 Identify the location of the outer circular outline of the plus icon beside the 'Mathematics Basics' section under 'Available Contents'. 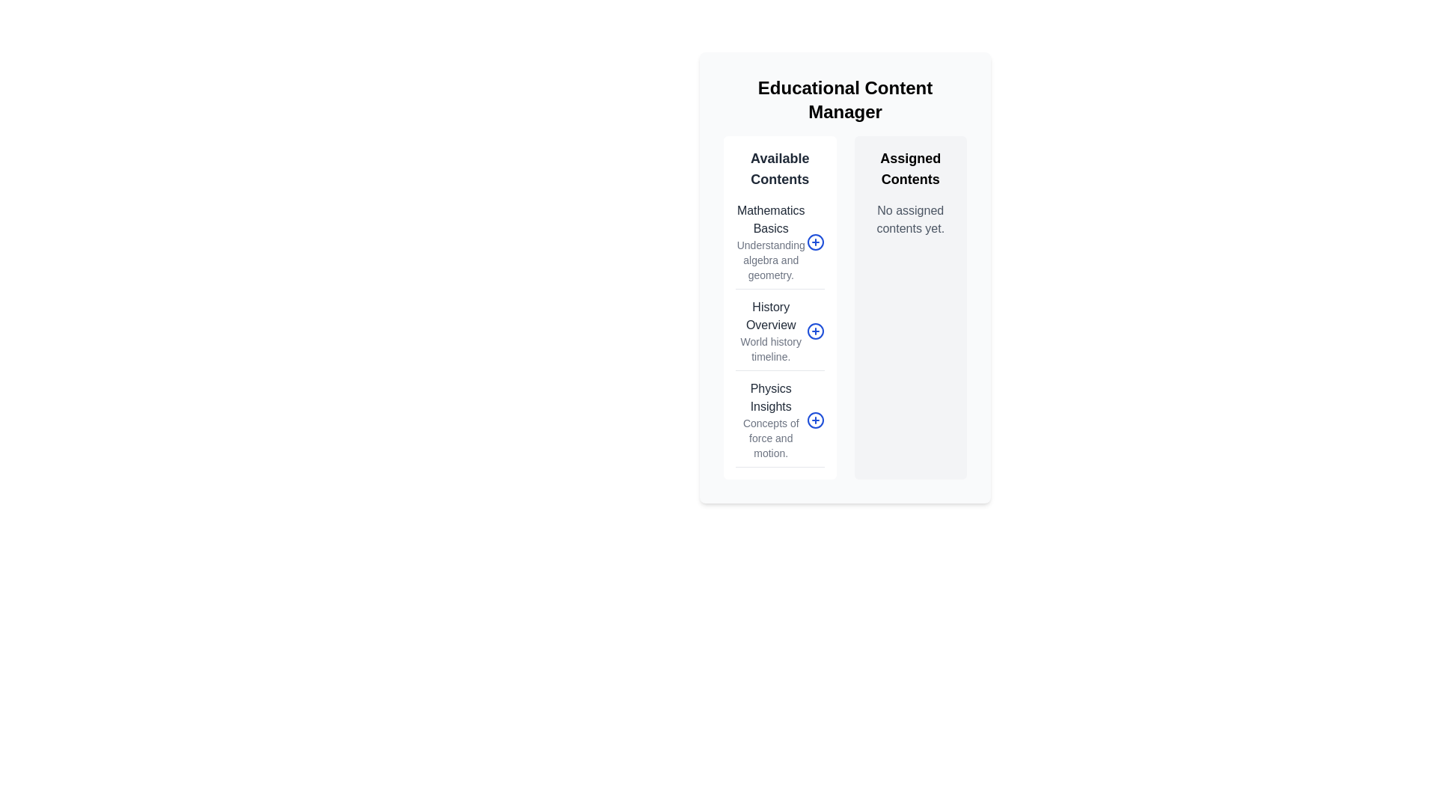
(814, 242).